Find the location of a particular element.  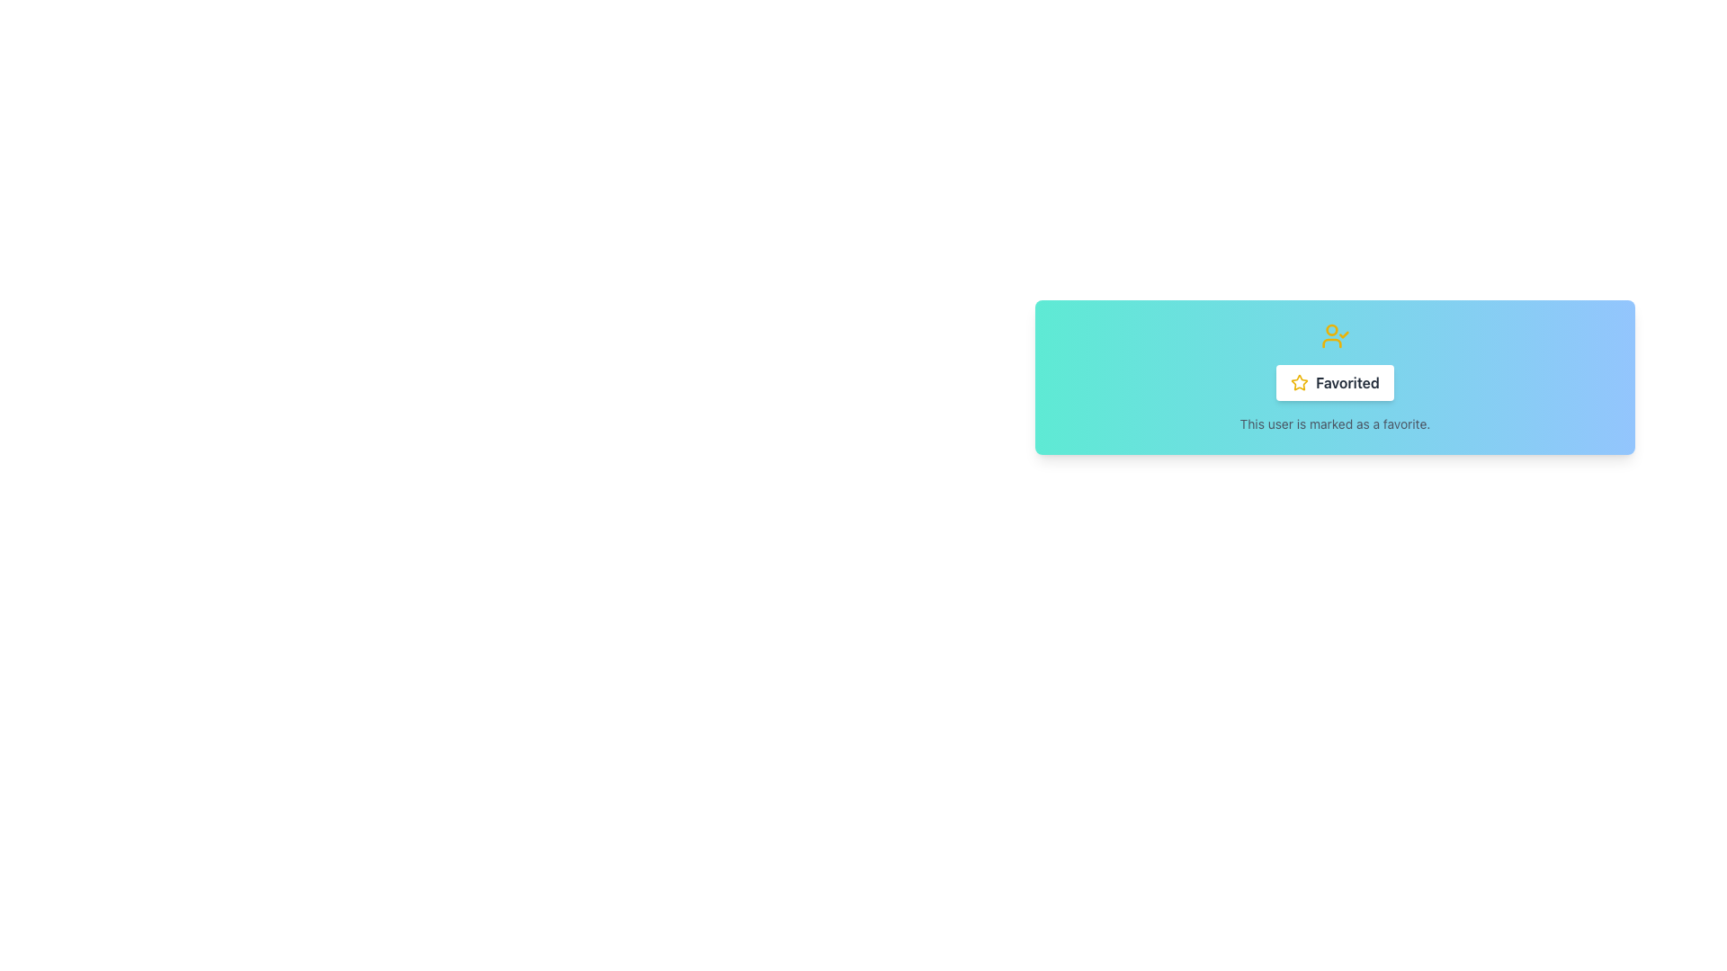

the curved line forming part of a person's profile image in the SVG icon, which is centrally located at the top of the card window is located at coordinates (1331, 343).